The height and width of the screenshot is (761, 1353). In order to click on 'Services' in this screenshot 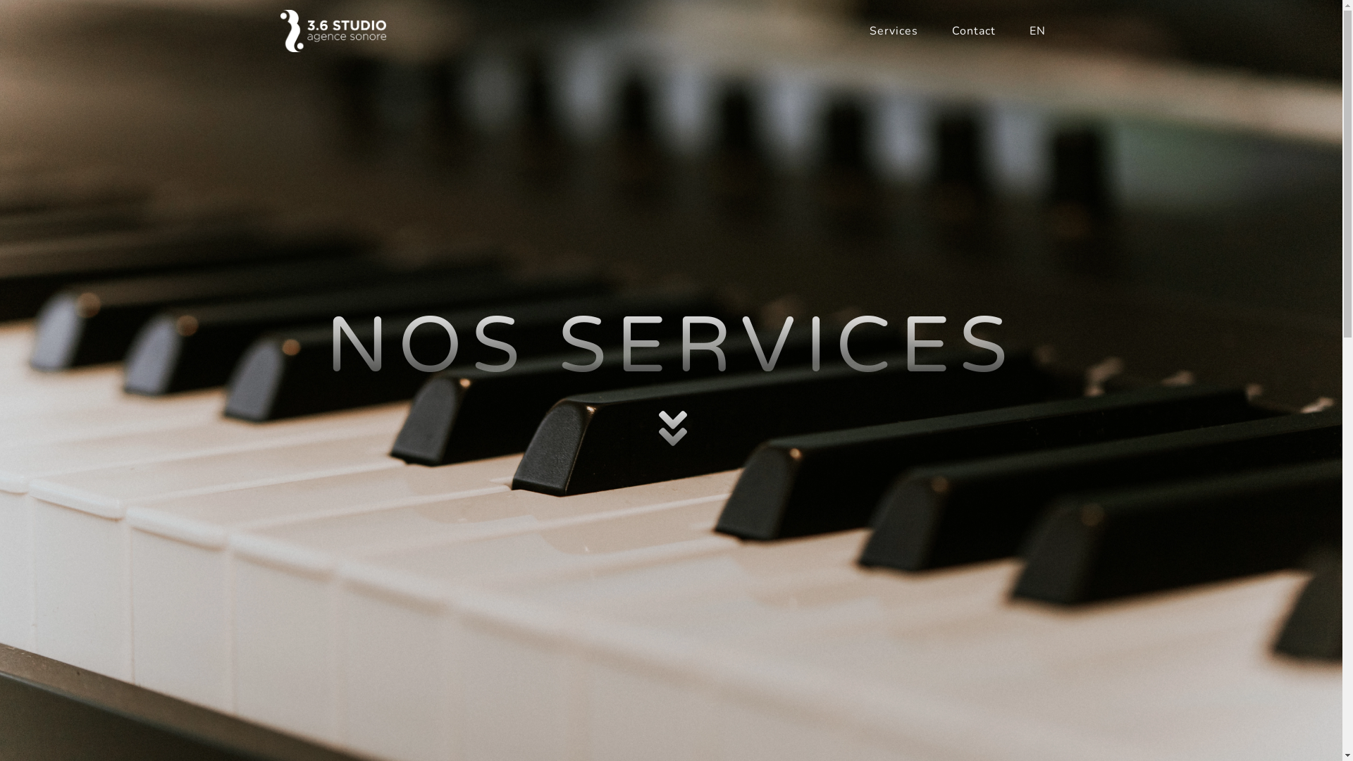, I will do `click(893, 30)`.